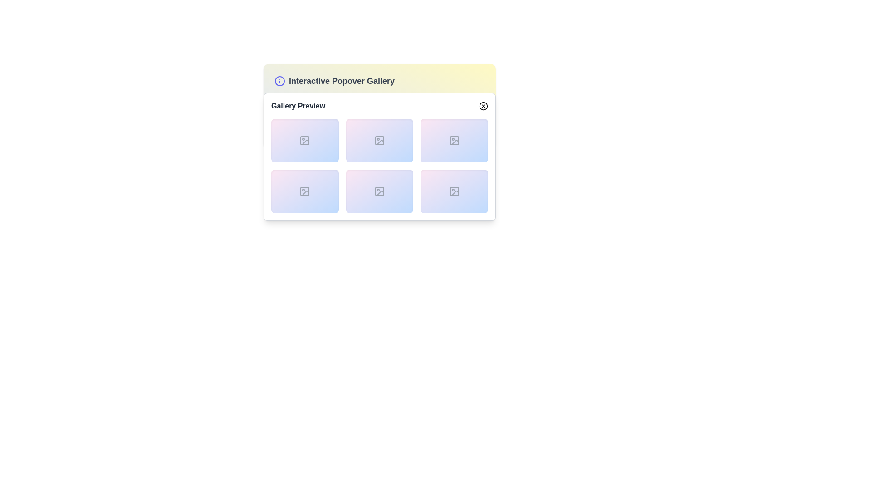  What do you see at coordinates (454, 191) in the screenshot?
I see `the gray SVG-based icon resembling an image placeholder with rounded corners and a circular symbol inside, located in the last tile of the second row under the 'Gallery Preview' title, by clicking on it to engage the gallery system` at bounding box center [454, 191].